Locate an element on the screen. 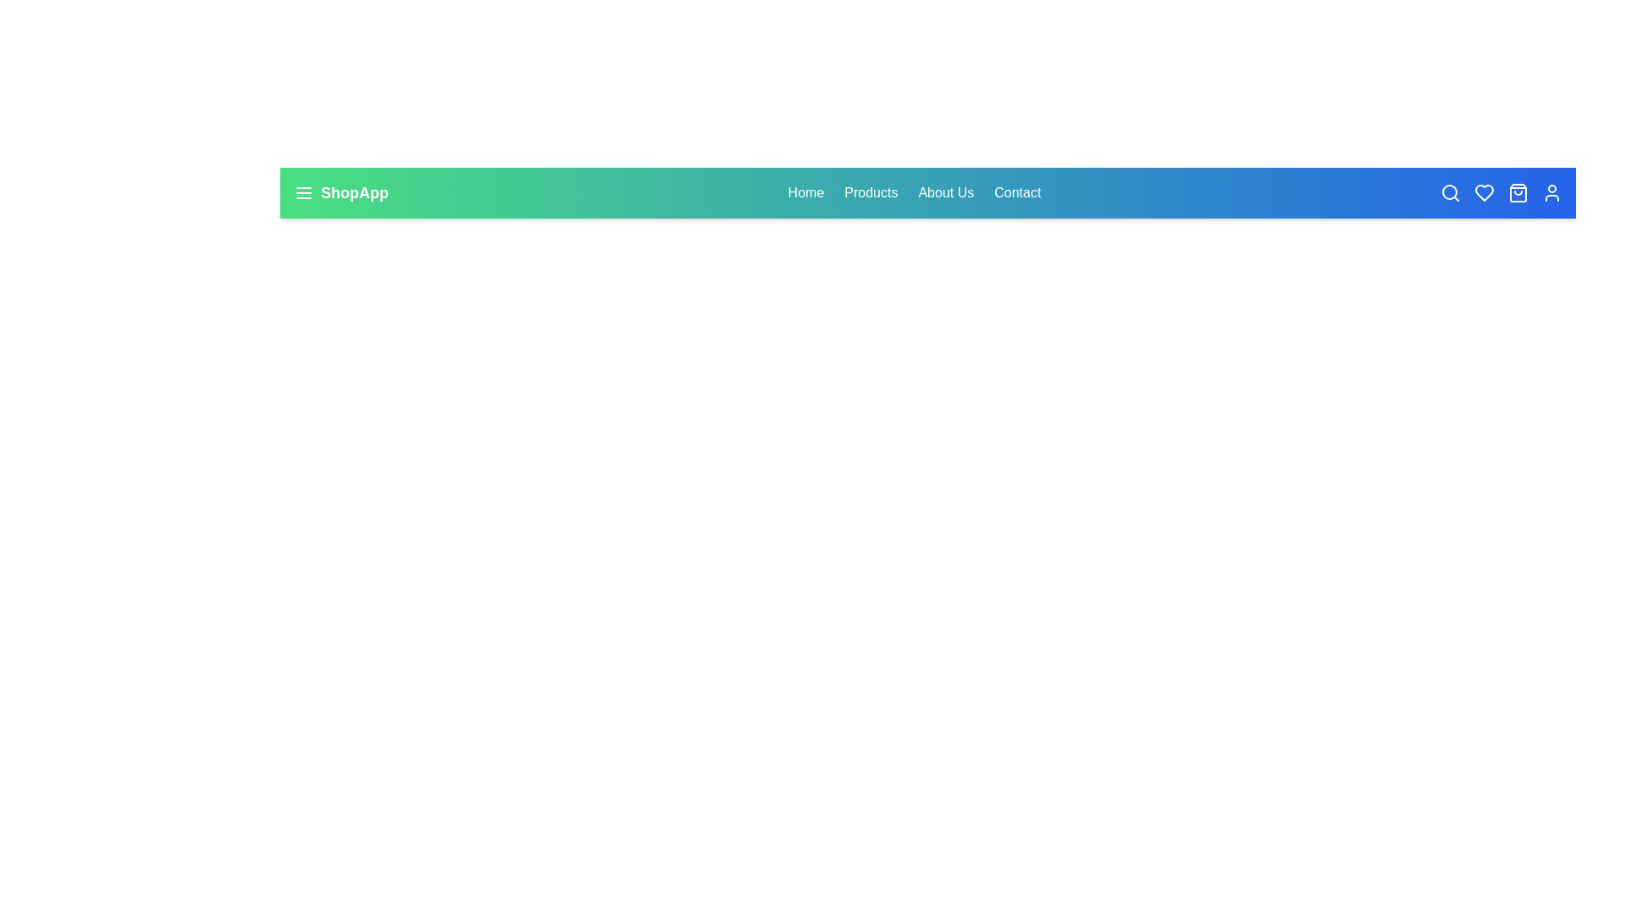  the 'About Us' link in the navigation bar is located at coordinates (945, 191).